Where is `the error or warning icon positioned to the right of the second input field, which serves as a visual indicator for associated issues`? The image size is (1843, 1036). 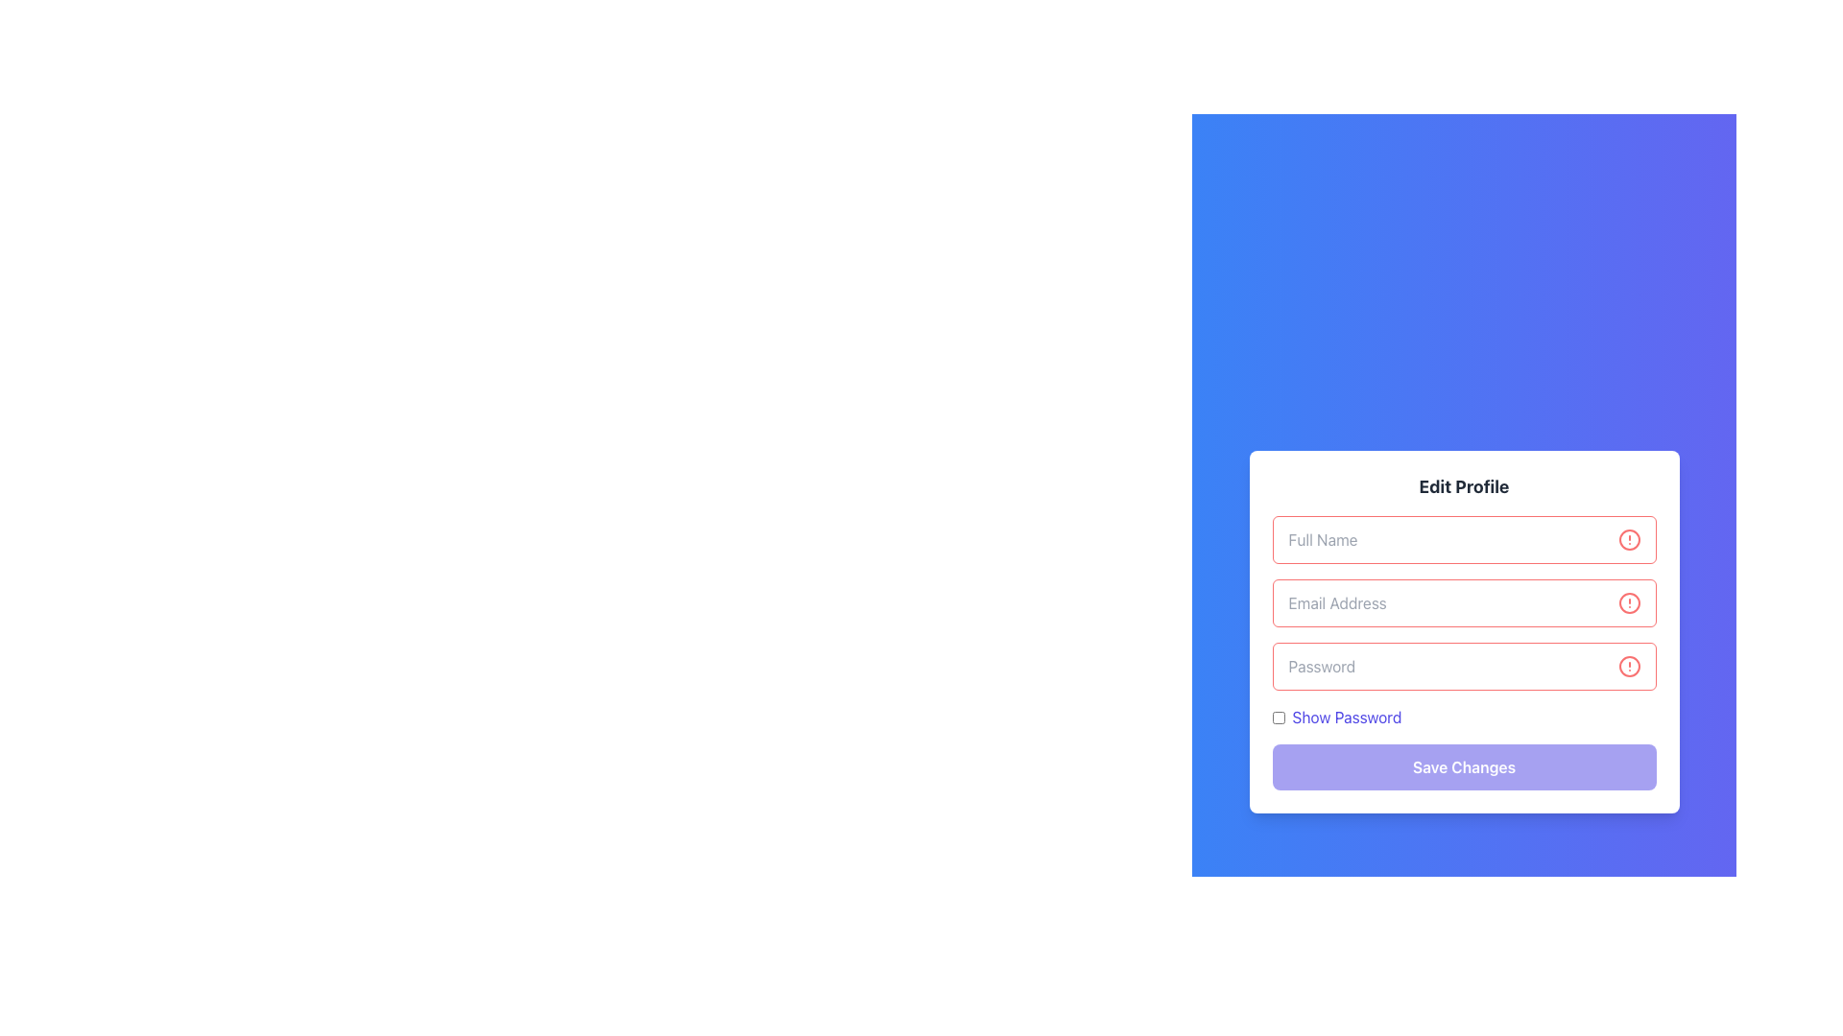
the error or warning icon positioned to the right of the second input field, which serves as a visual indicator for associated issues is located at coordinates (1628, 601).